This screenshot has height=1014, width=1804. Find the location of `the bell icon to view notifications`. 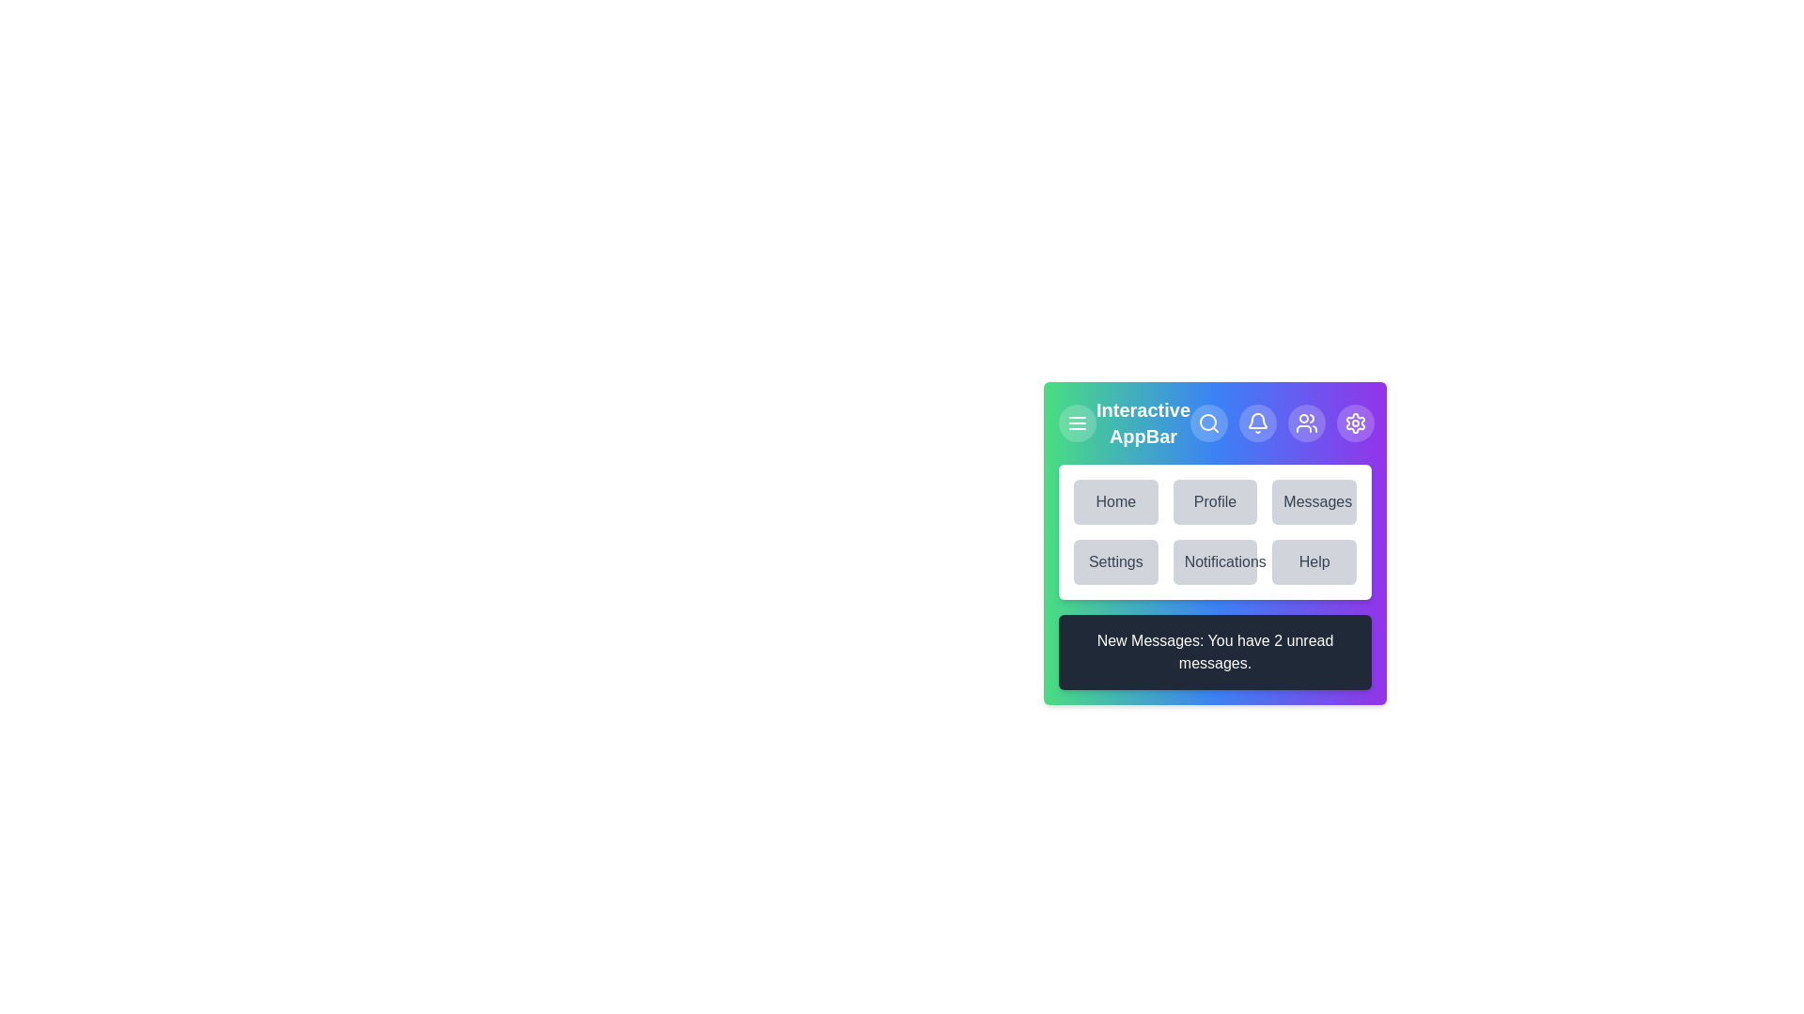

the bell icon to view notifications is located at coordinates (1258, 423).